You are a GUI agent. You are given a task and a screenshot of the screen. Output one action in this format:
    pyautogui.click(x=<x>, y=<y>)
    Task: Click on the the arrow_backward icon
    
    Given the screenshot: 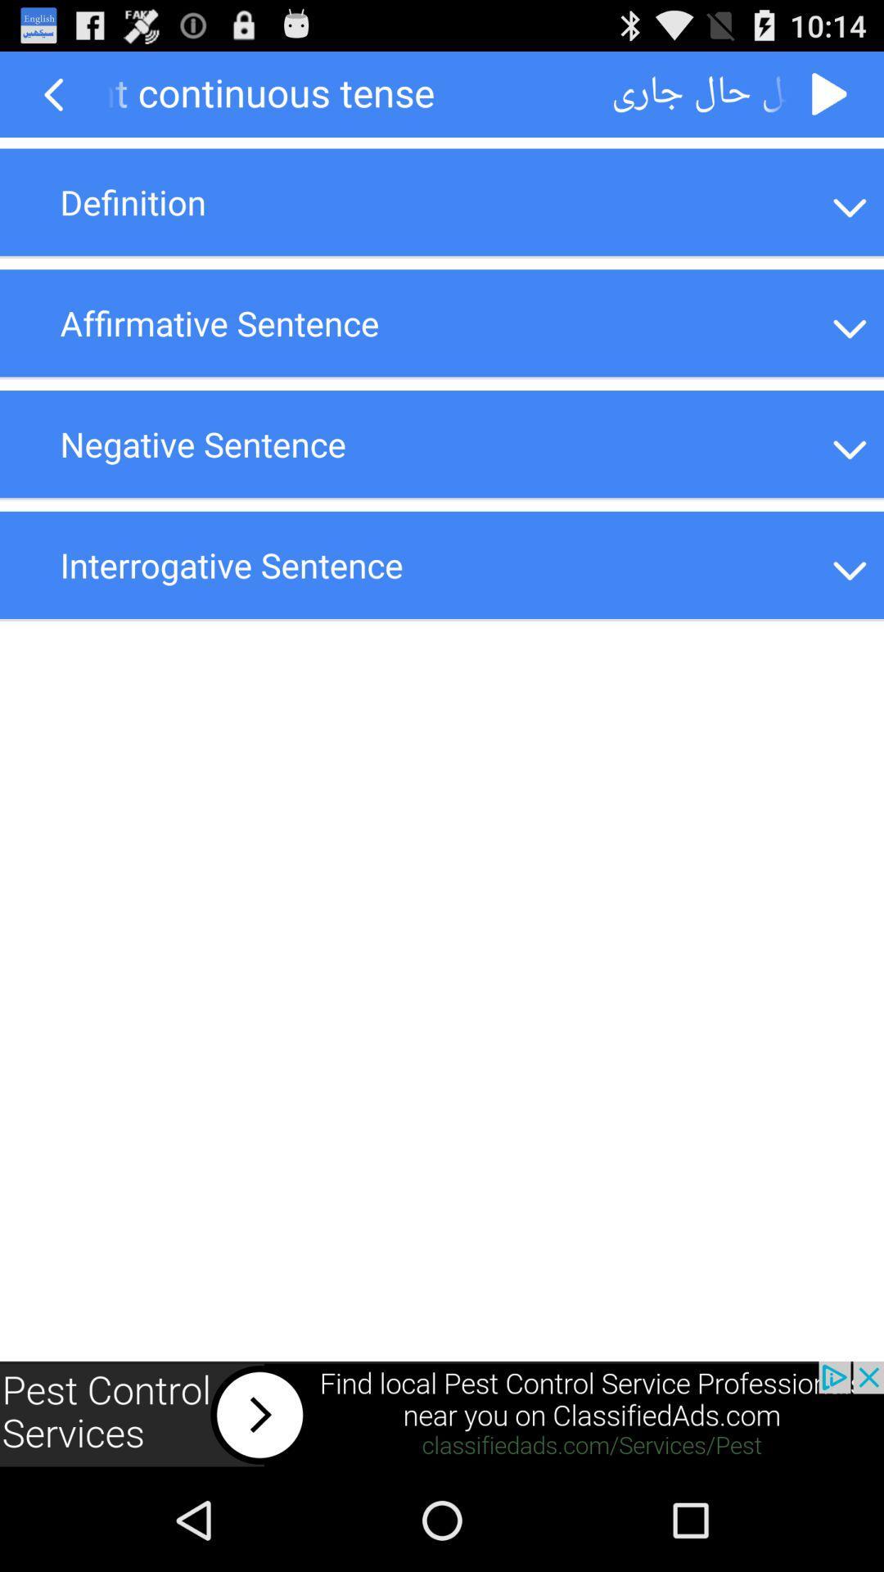 What is the action you would take?
    pyautogui.click(x=52, y=100)
    